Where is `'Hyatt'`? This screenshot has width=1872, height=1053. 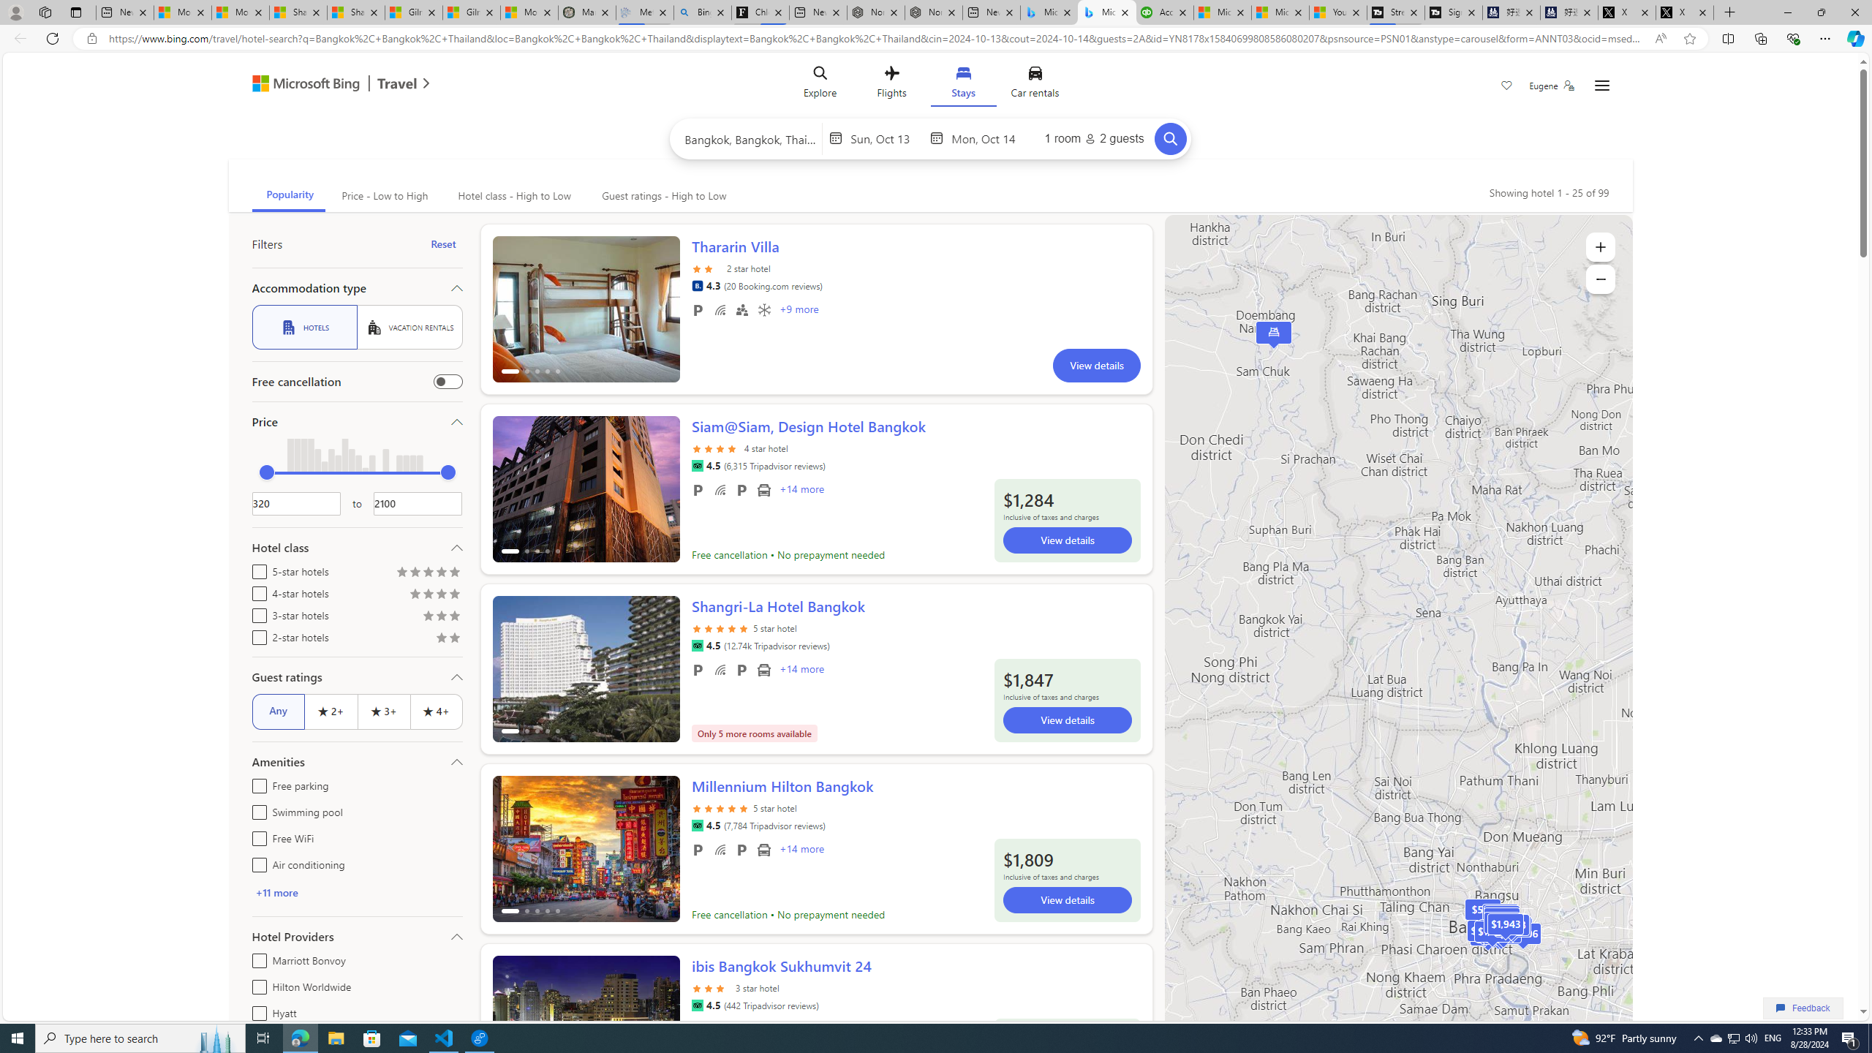 'Hyatt' is located at coordinates (256, 1011).